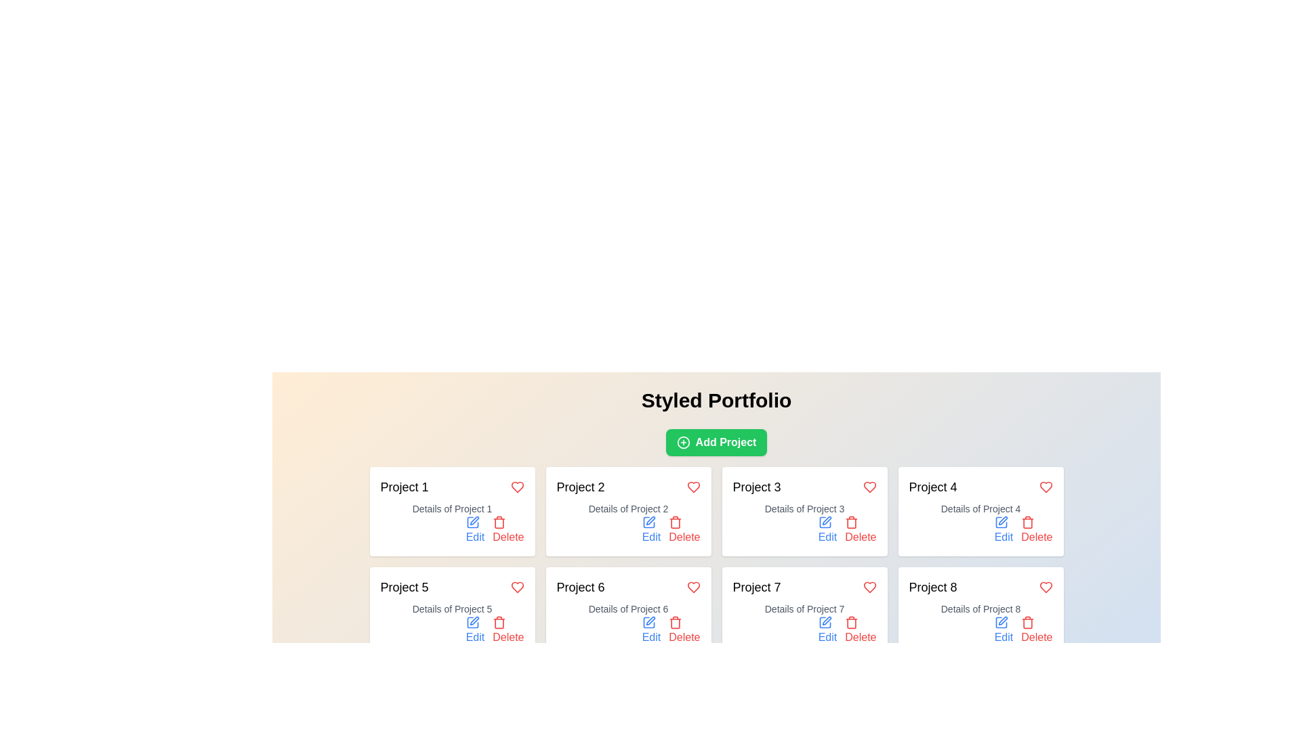 This screenshot has width=1301, height=731. What do you see at coordinates (1045, 487) in the screenshot?
I see `the heart icon button located at the top-right corner of the 'Project 4' card to observe its hover effect` at bounding box center [1045, 487].